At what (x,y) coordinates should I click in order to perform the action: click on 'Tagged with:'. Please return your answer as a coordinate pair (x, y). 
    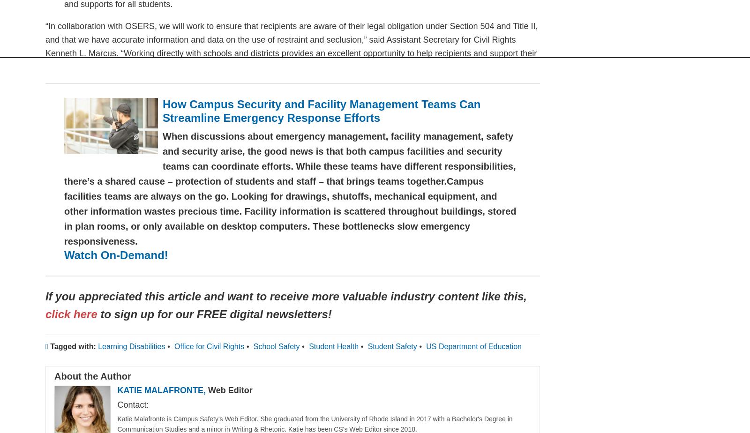
    Looking at the image, I should click on (72, 346).